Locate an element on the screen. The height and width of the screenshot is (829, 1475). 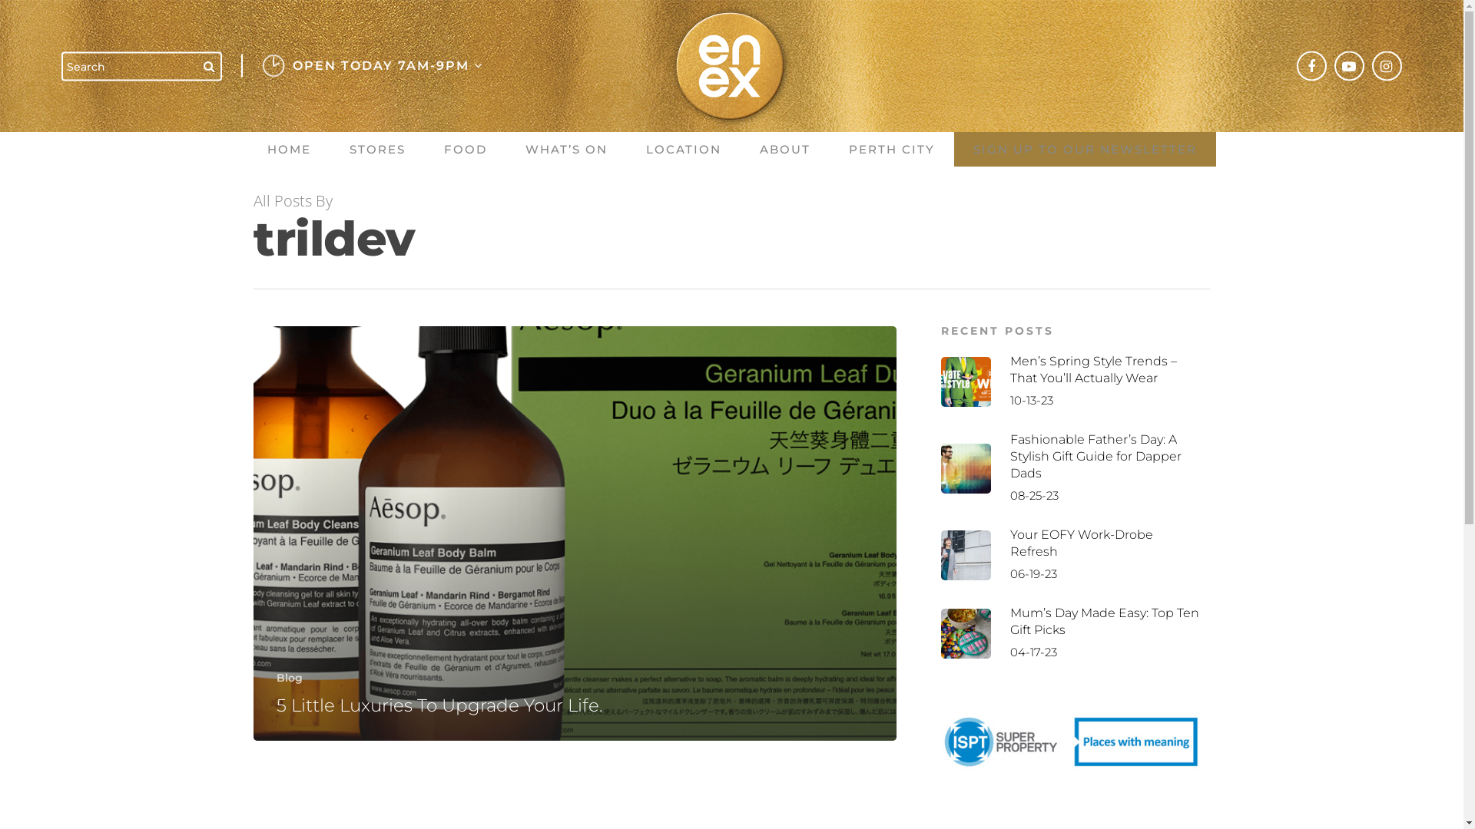
'HOME' is located at coordinates (288, 149).